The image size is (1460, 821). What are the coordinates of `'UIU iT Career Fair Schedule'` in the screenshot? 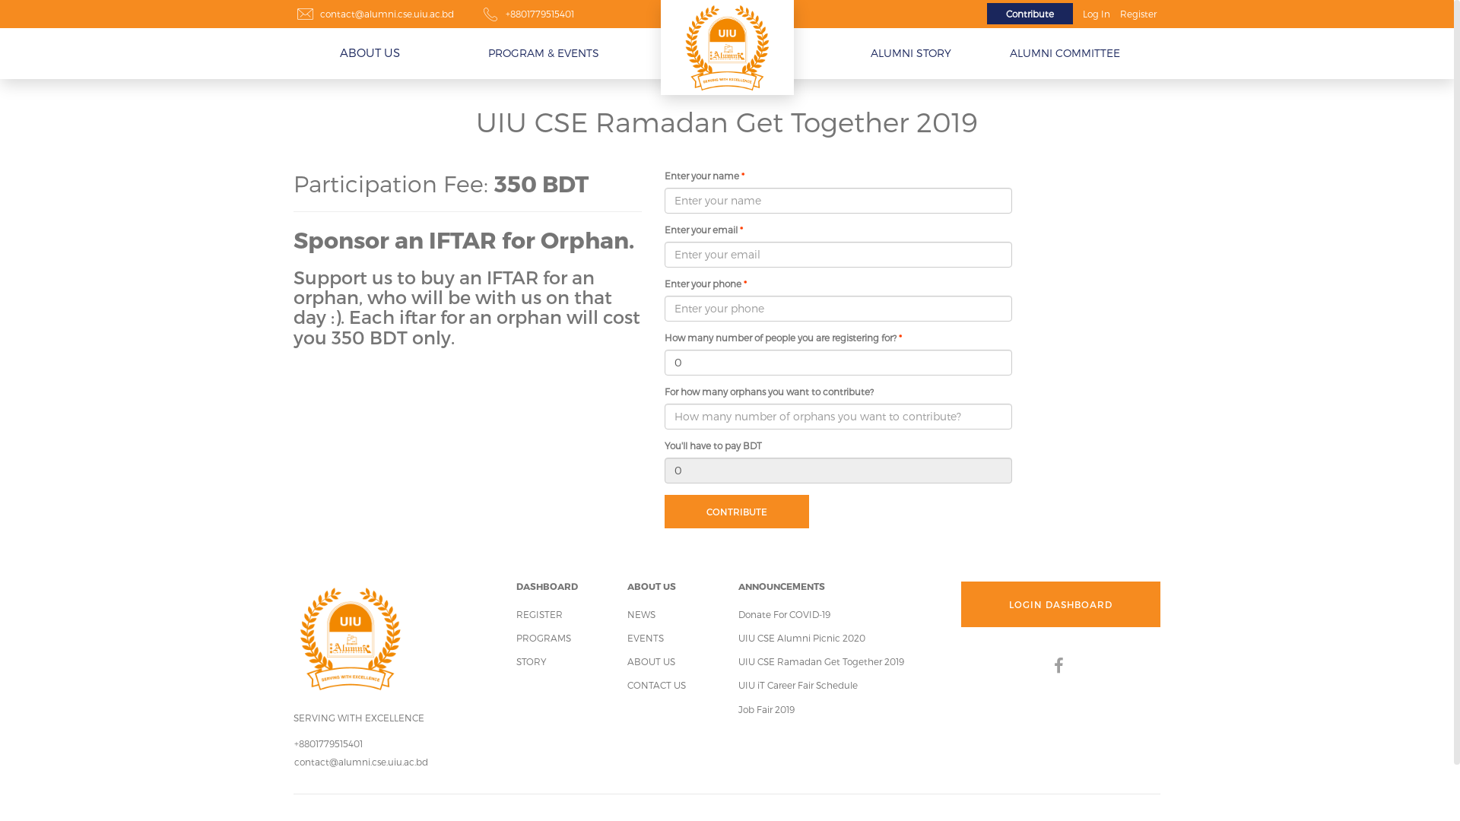 It's located at (797, 685).